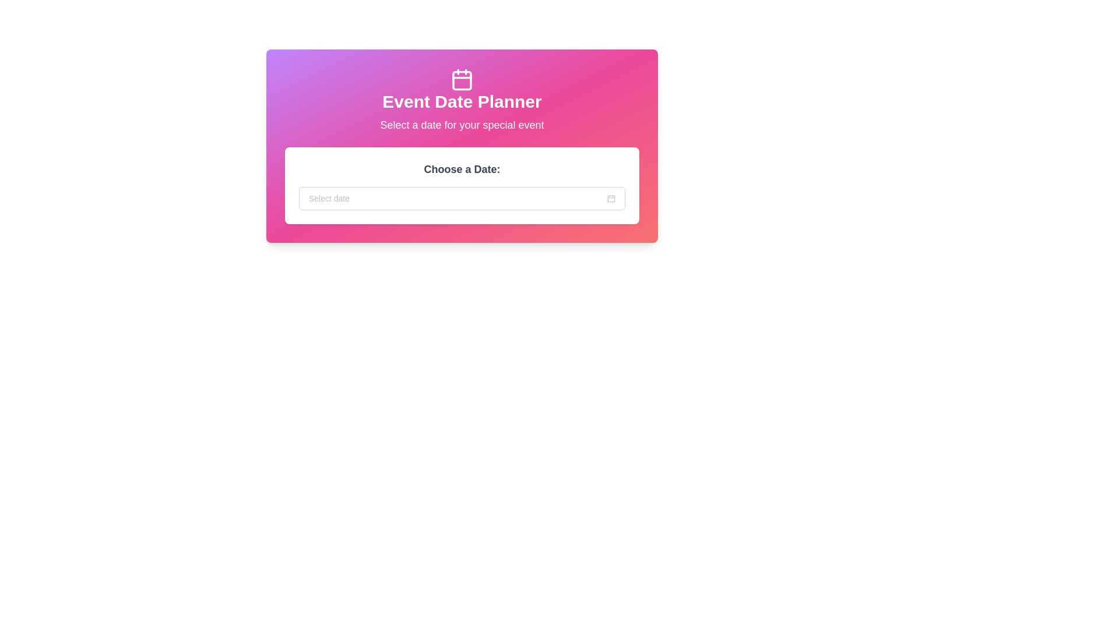 The image size is (1119, 629). What do you see at coordinates (461, 197) in the screenshot?
I see `the Date picker input field located below the 'Choose a Date:' text to allow for keyboard interaction` at bounding box center [461, 197].